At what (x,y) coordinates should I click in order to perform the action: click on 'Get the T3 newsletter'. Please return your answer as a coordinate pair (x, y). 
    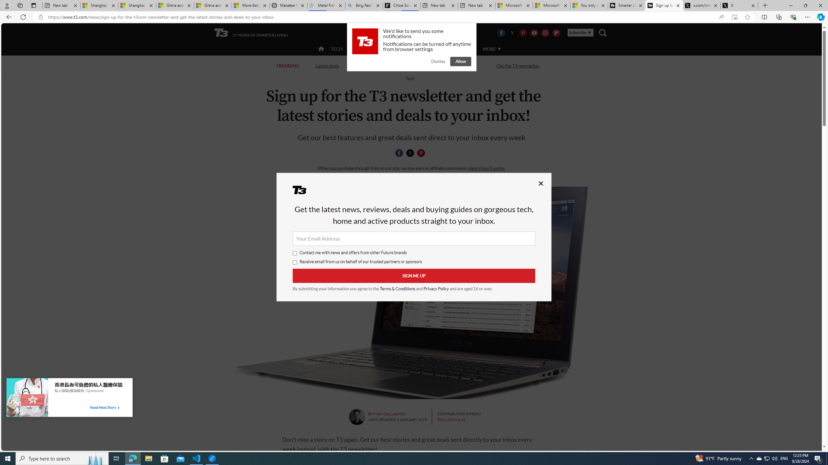
    Looking at the image, I should click on (518, 65).